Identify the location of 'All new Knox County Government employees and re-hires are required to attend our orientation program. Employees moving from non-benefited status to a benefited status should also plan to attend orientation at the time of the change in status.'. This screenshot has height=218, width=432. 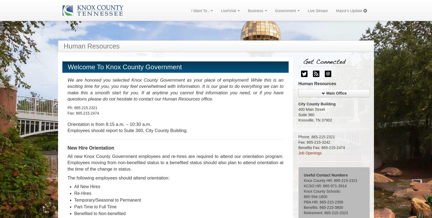
(175, 162).